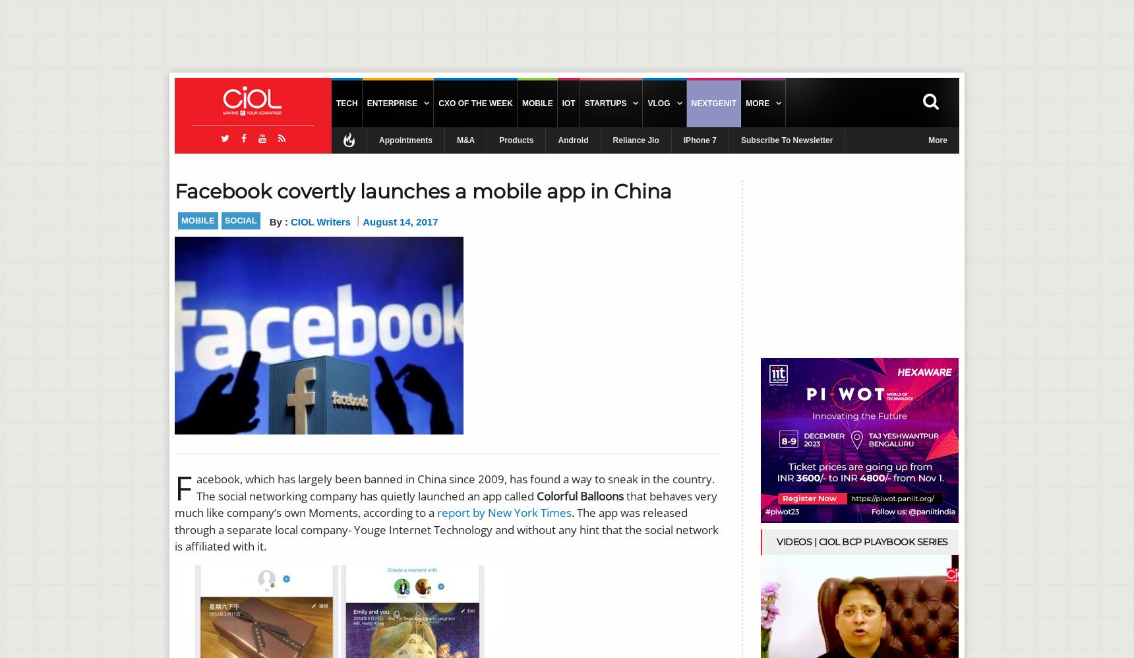 This screenshot has width=1134, height=658. Describe the element at coordinates (346, 102) in the screenshot. I see `'Tech'` at that location.